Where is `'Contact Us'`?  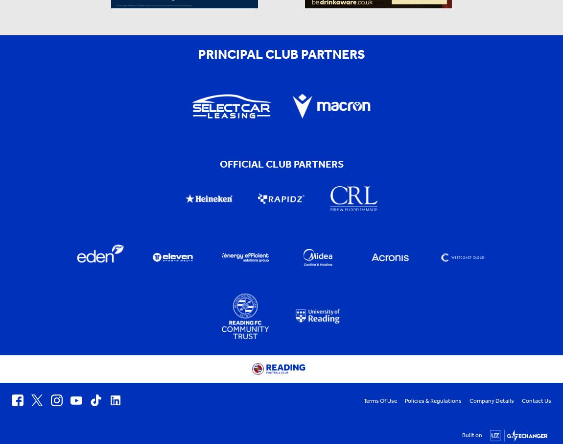 'Contact Us' is located at coordinates (536, 400).